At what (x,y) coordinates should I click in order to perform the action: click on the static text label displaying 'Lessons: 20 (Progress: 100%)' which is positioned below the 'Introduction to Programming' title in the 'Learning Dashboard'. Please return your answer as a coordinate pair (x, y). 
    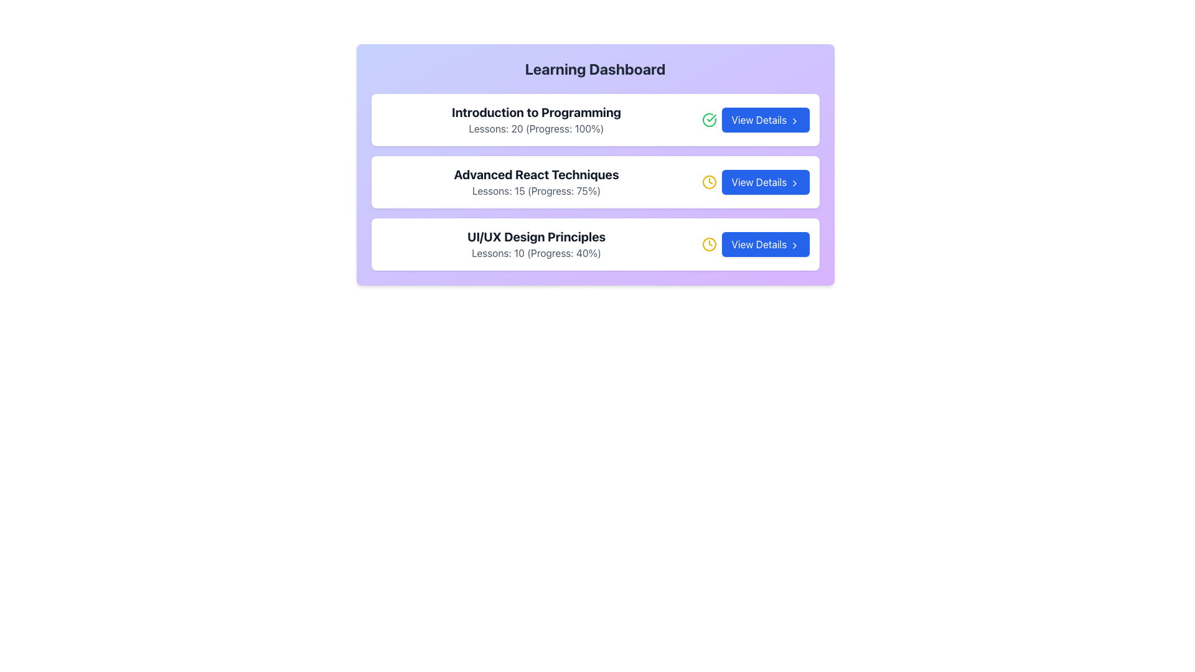
    Looking at the image, I should click on (537, 129).